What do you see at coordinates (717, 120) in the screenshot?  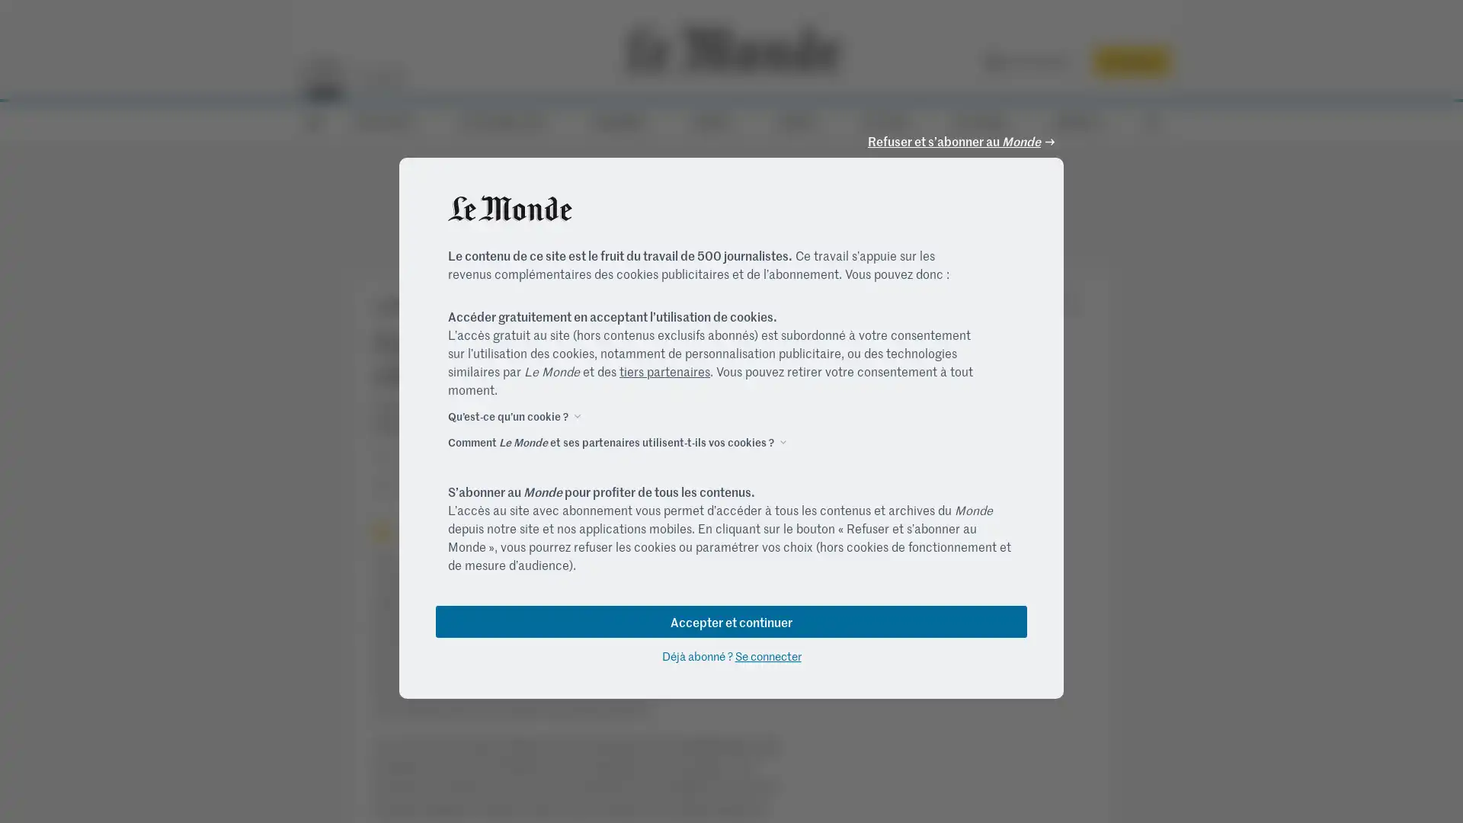 I see `VIDEOS` at bounding box center [717, 120].